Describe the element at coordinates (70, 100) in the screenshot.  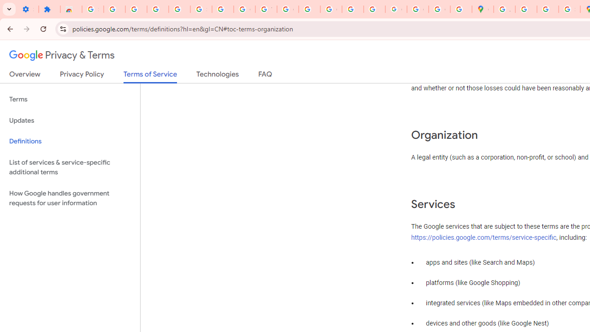
I see `'Terms'` at that location.